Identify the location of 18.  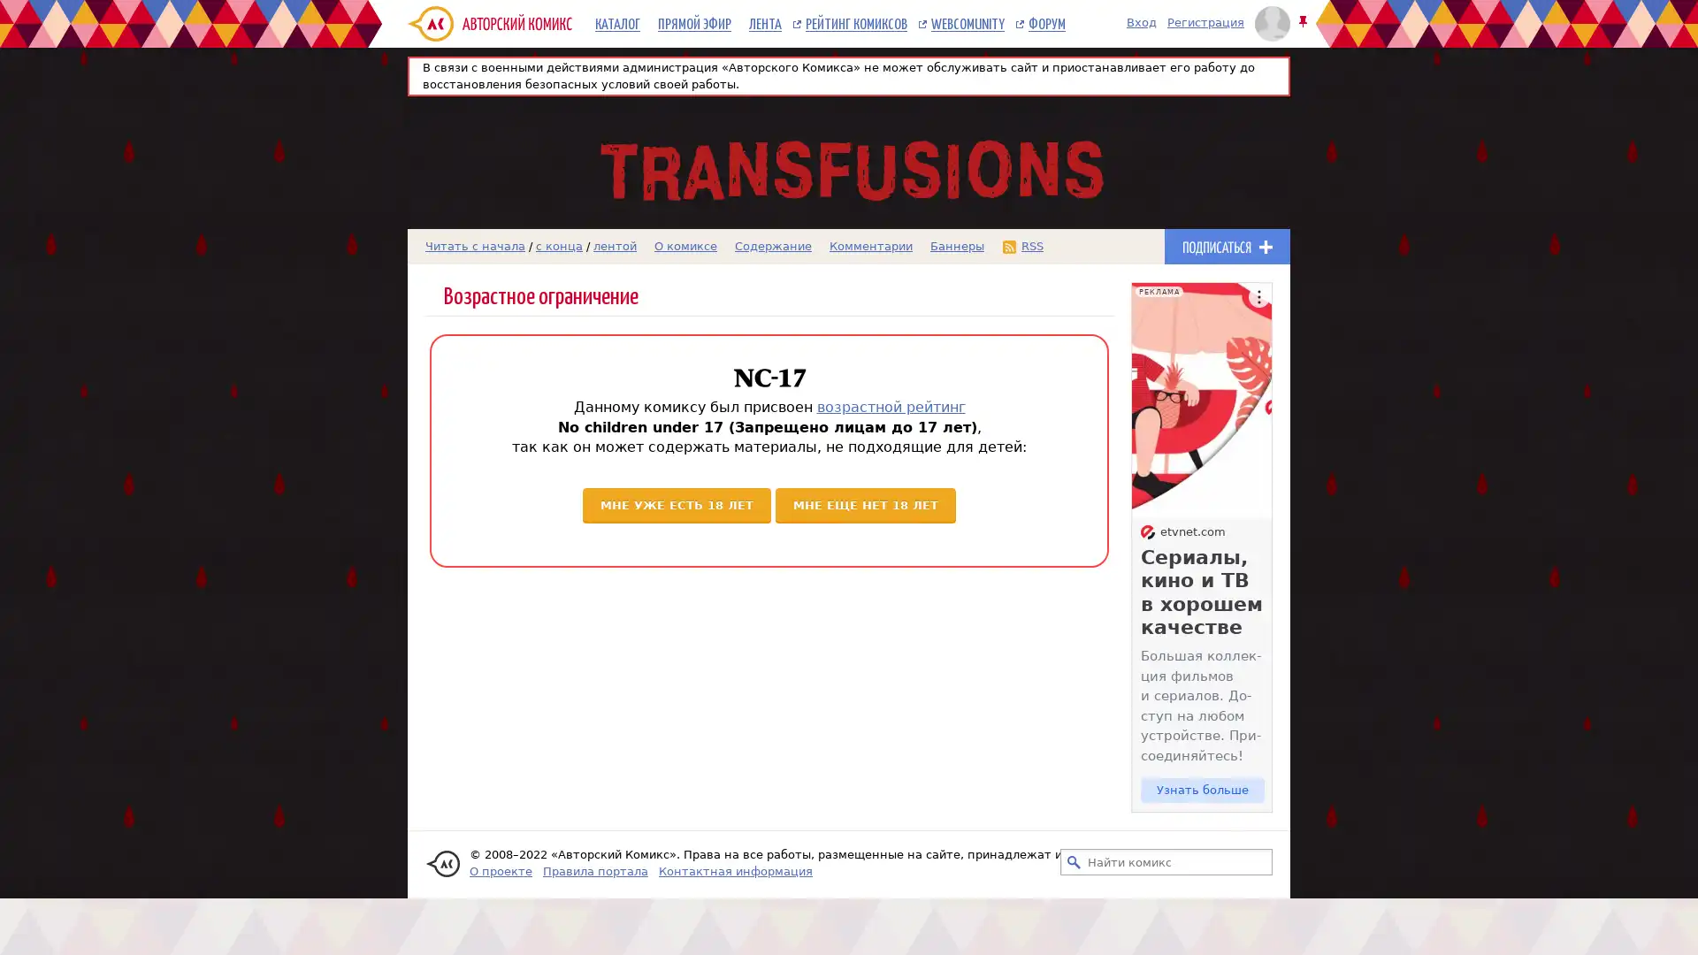
(866, 504).